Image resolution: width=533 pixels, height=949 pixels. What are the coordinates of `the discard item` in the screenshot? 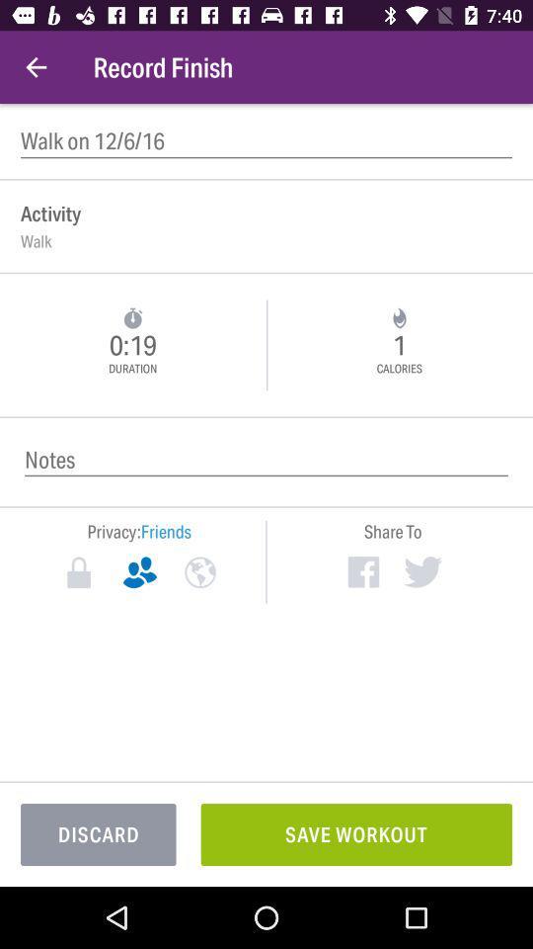 It's located at (97, 833).